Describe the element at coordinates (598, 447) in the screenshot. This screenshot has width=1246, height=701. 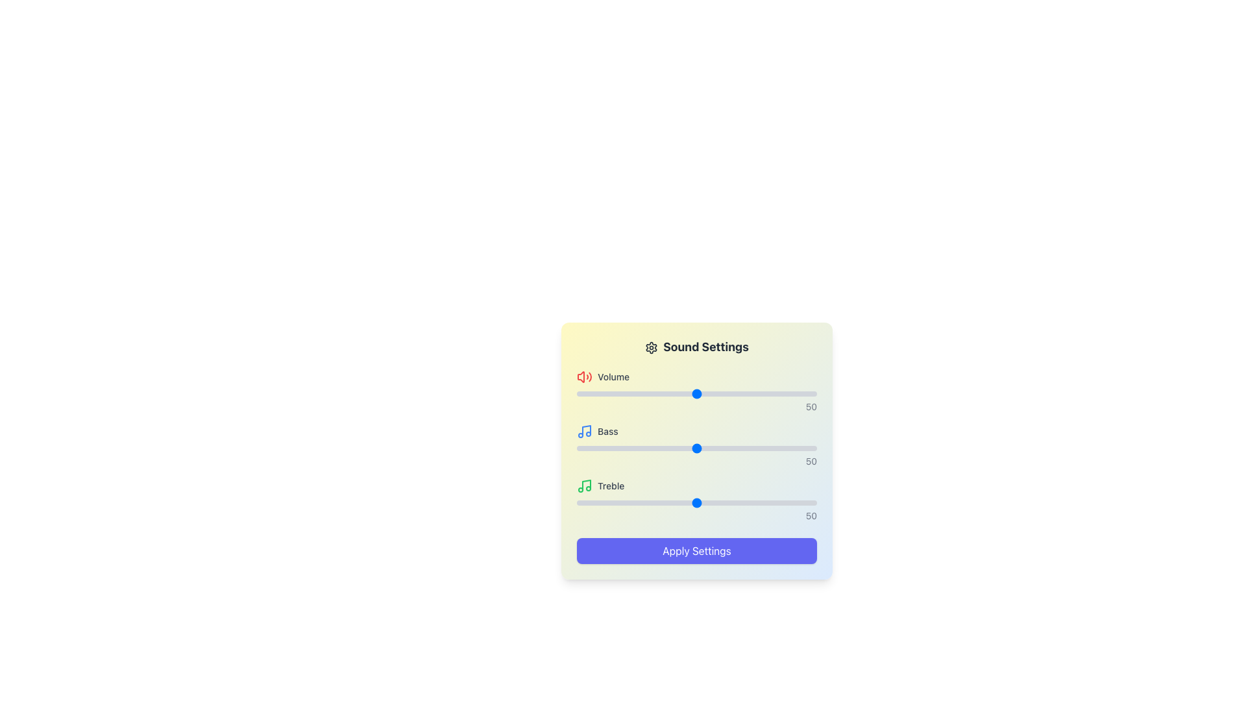
I see `the bass level` at that location.